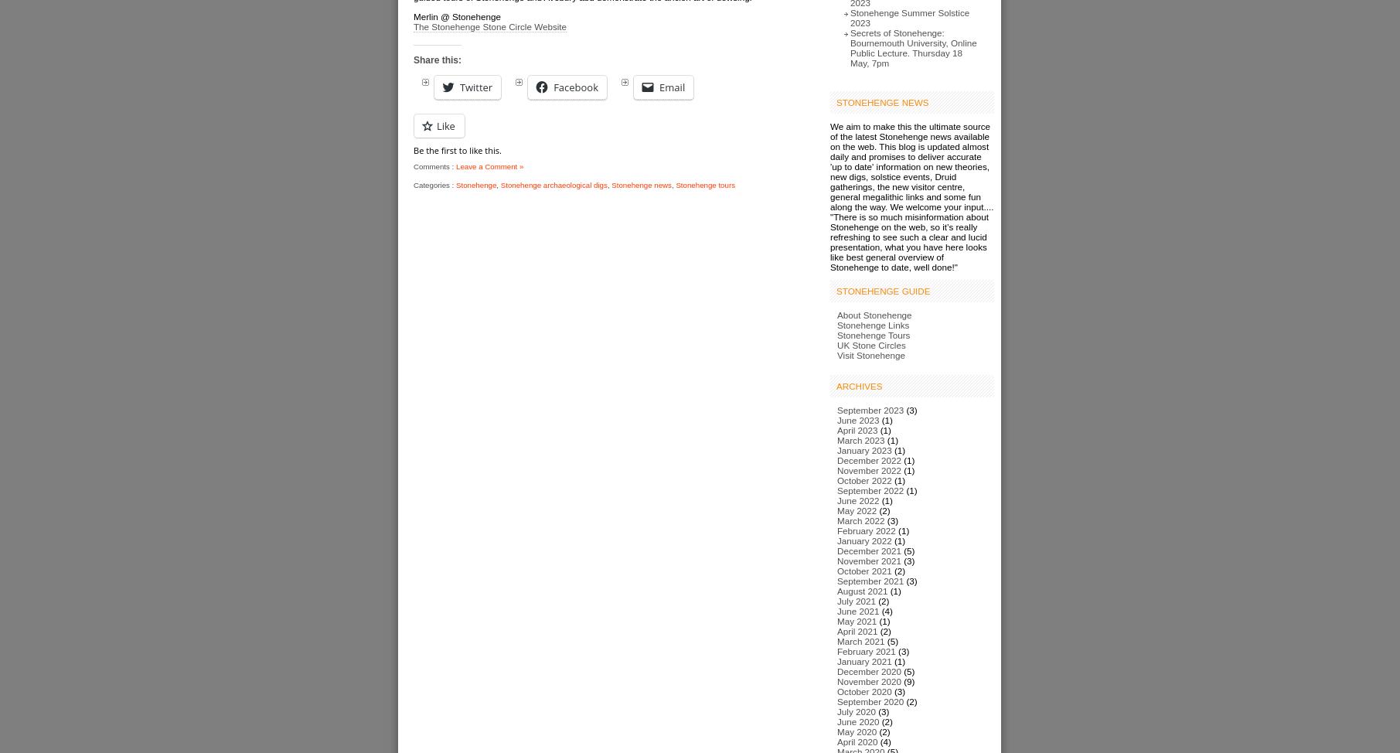  Describe the element at coordinates (870, 344) in the screenshot. I see `'UK Stone Circles'` at that location.